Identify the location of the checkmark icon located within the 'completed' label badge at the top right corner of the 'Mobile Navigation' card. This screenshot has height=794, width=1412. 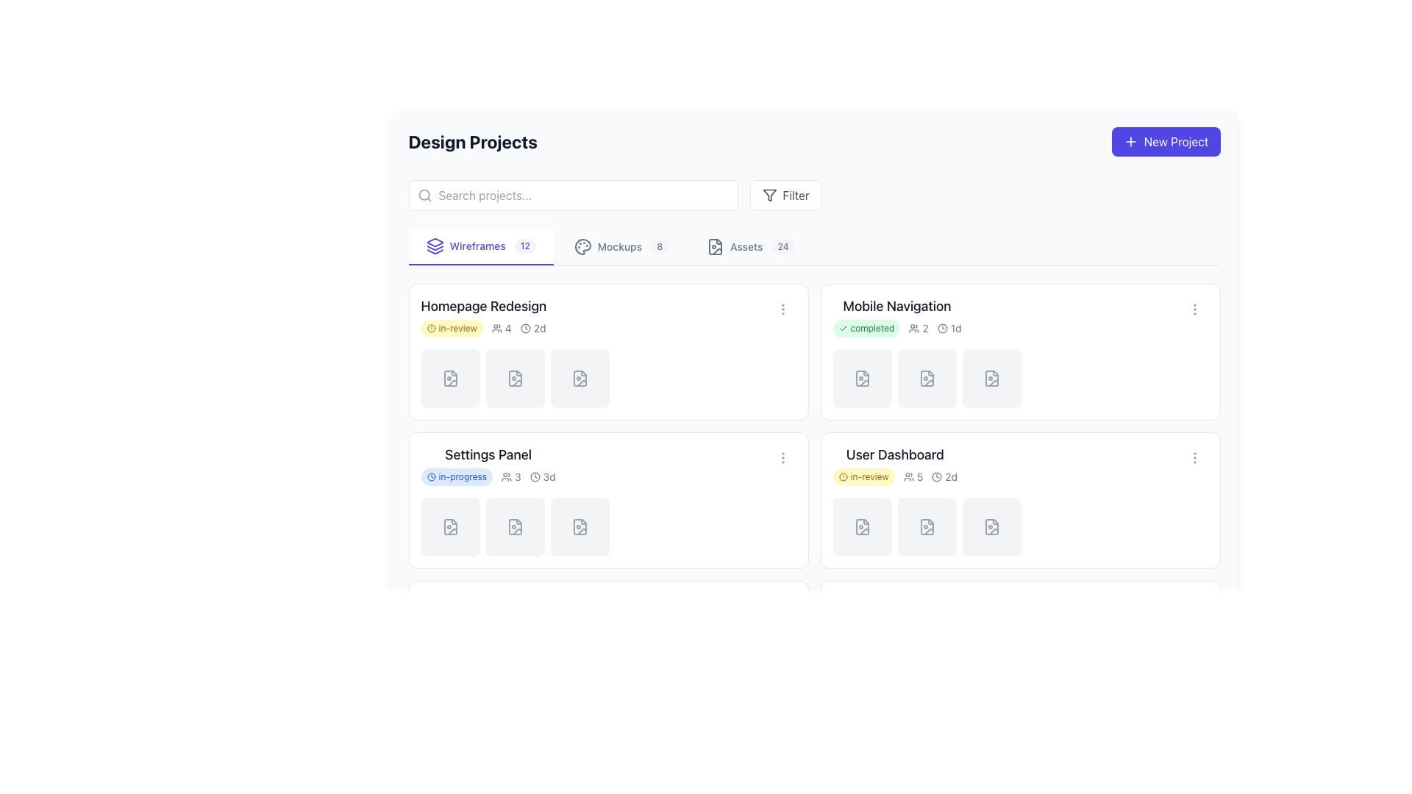
(843, 328).